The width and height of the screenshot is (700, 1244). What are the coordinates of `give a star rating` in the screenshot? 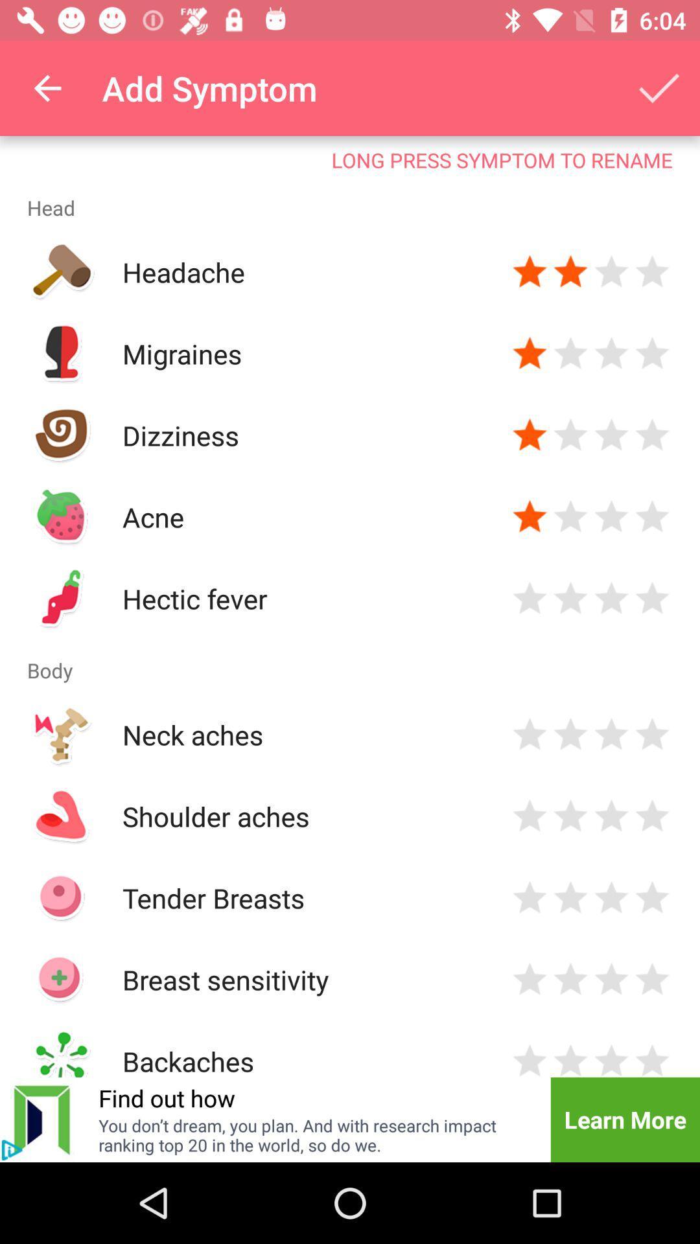 It's located at (530, 734).